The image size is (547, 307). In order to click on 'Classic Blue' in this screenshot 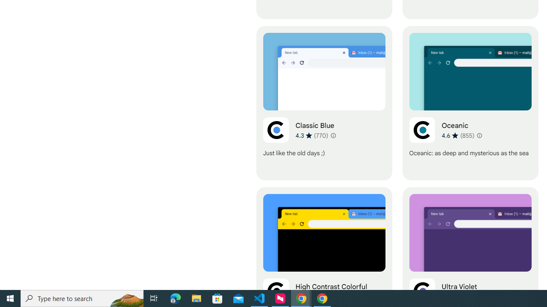, I will do `click(323, 103)`.